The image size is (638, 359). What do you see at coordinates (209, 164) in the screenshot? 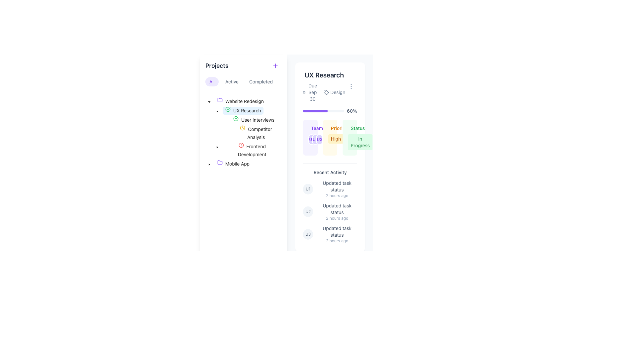
I see `the Toggle Switch located in the collapsible tree navigation panel under the 'Projects' section, which precedes the 'Mobile App' text` at bounding box center [209, 164].